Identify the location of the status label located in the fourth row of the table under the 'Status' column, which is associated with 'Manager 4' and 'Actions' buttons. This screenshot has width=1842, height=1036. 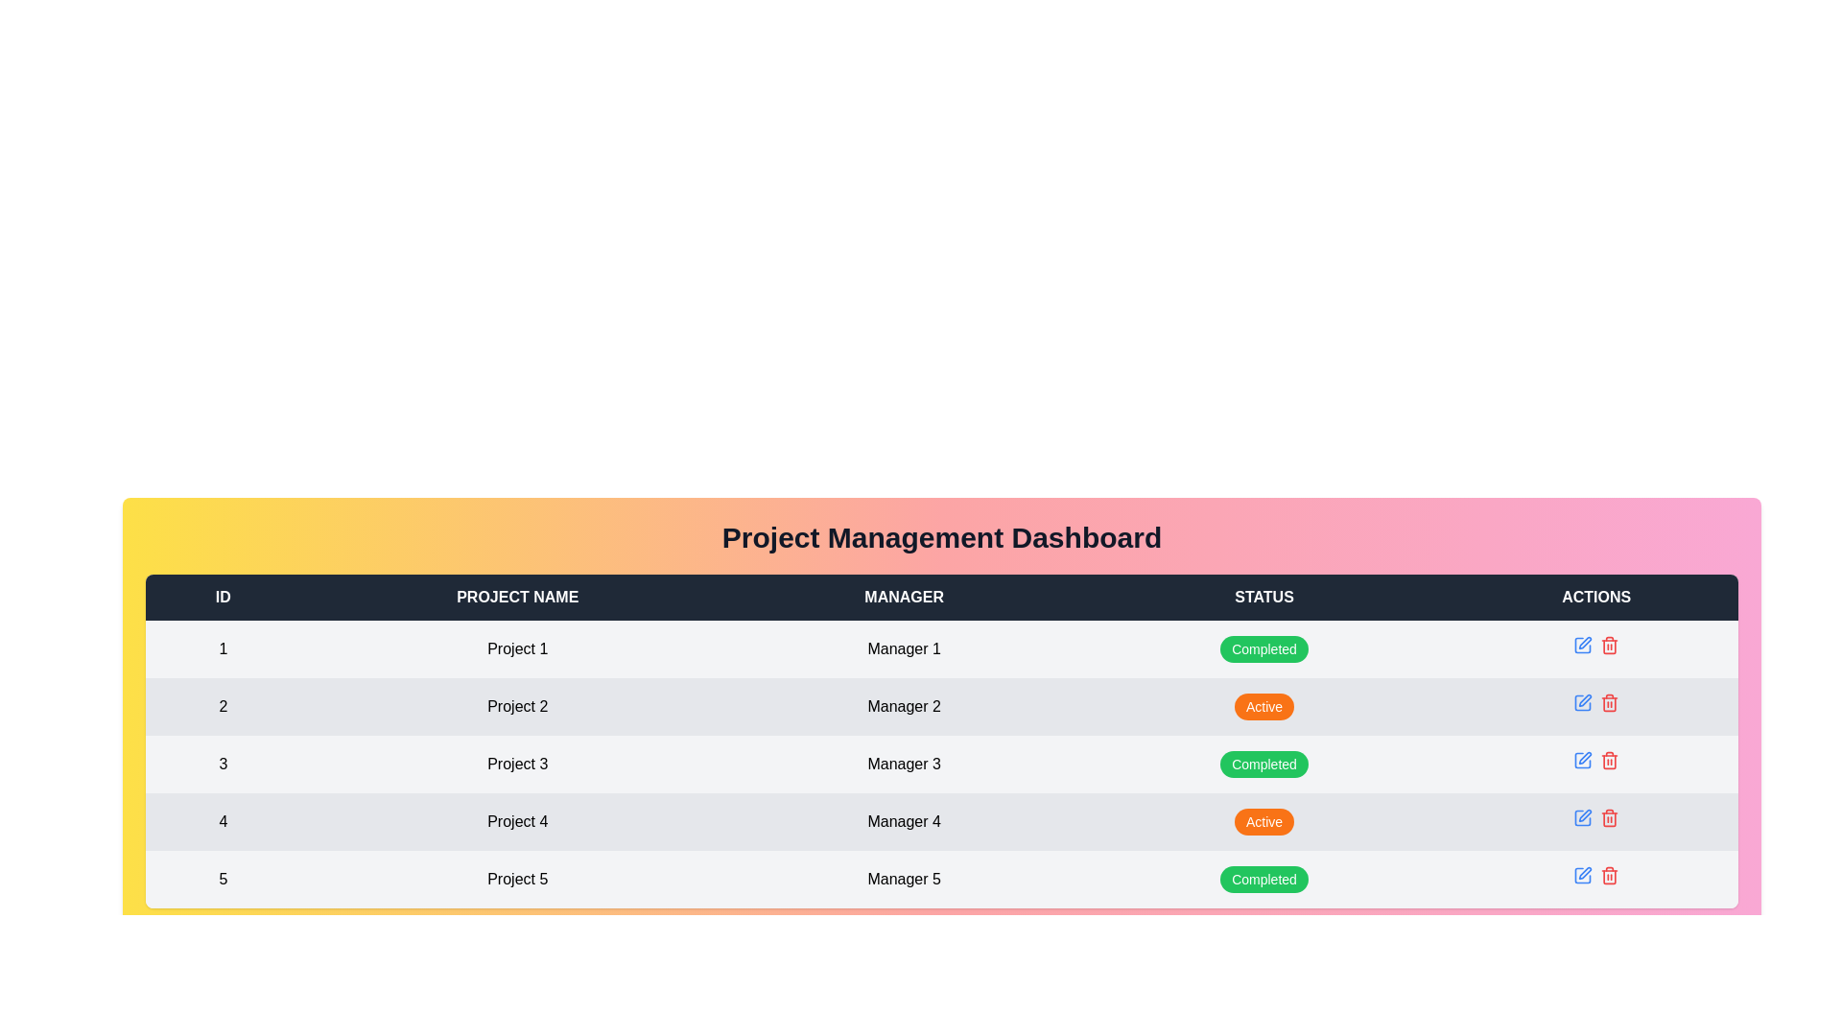
(1264, 820).